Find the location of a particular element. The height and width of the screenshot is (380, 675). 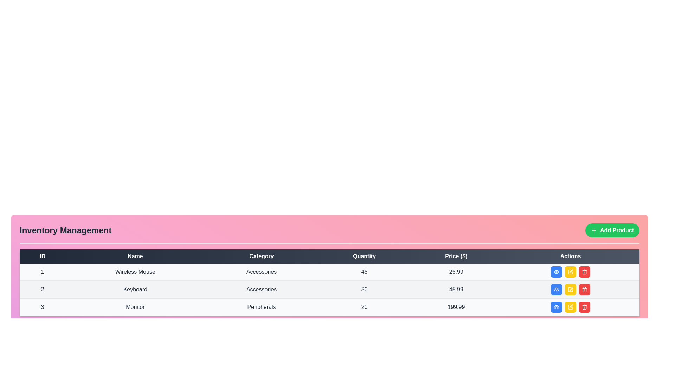

the yellow button with a white pen icon, which is the second button in the 'Actions' column of the third row in the table, to trigger styling changes is located at coordinates (571, 306).